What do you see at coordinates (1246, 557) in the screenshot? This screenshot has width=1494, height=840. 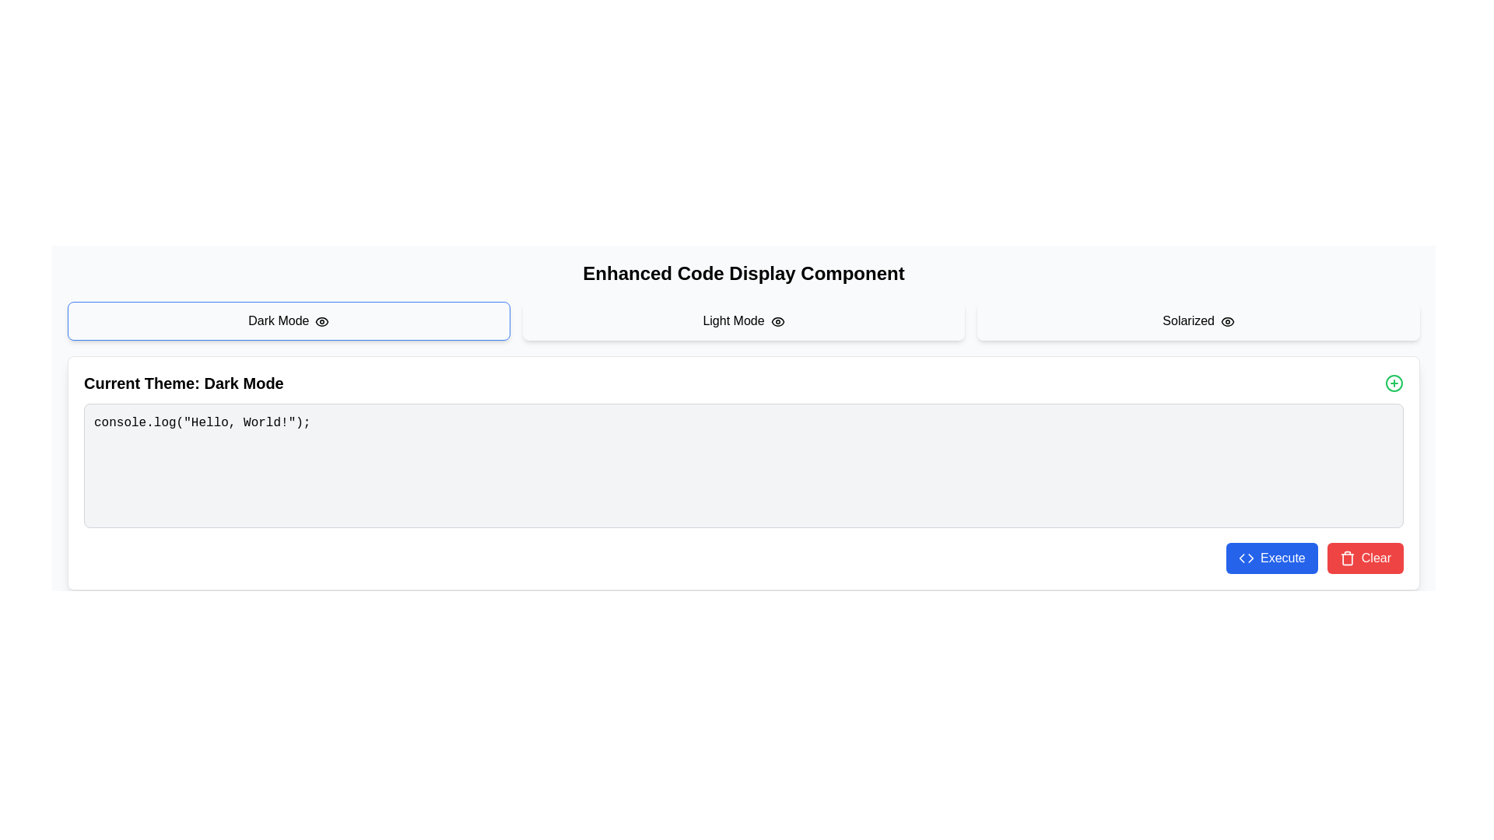 I see `the small, square code symbol icon located on the left portion of the 'Execute' button for accessibility navigation` at bounding box center [1246, 557].